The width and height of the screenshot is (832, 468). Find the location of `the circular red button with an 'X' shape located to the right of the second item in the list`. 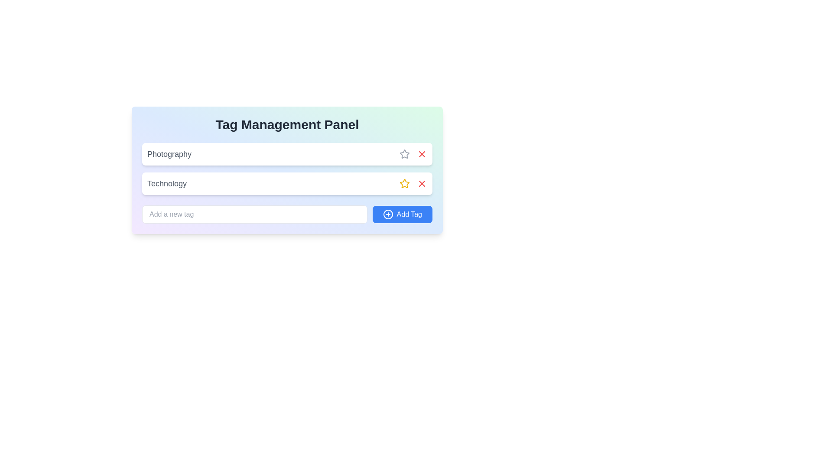

the circular red button with an 'X' shape located to the right of the second item in the list is located at coordinates (422, 183).